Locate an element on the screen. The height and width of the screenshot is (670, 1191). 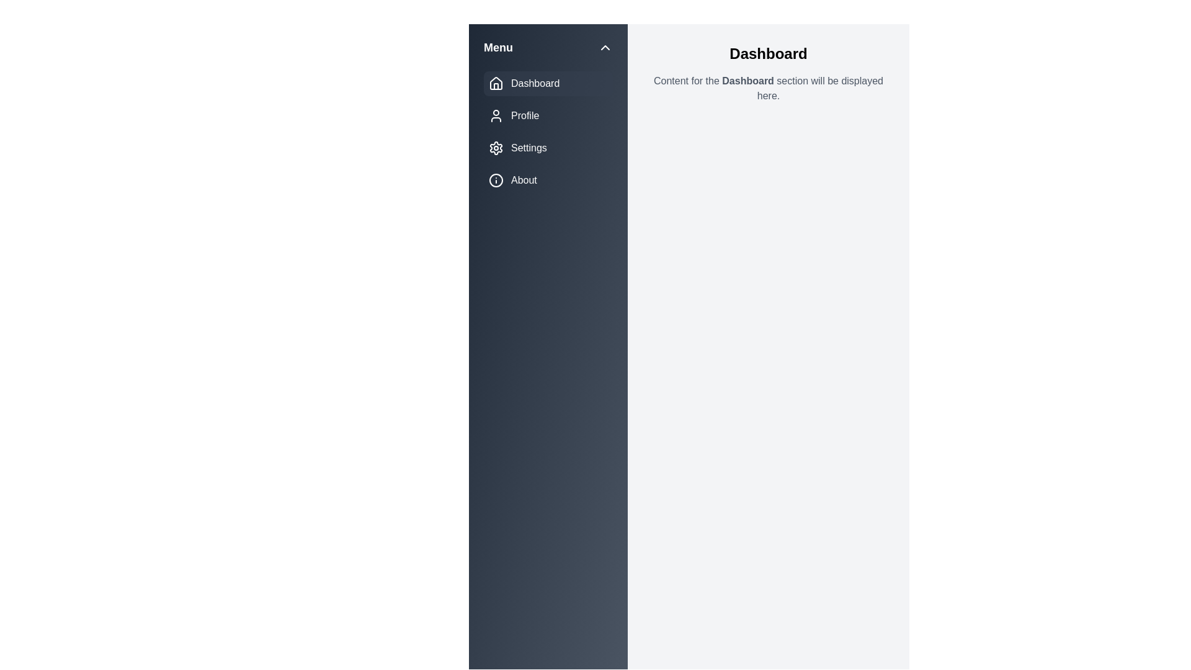
the toggle button located at the far-right end of the header bar next to the 'Menu' label is located at coordinates (605, 47).